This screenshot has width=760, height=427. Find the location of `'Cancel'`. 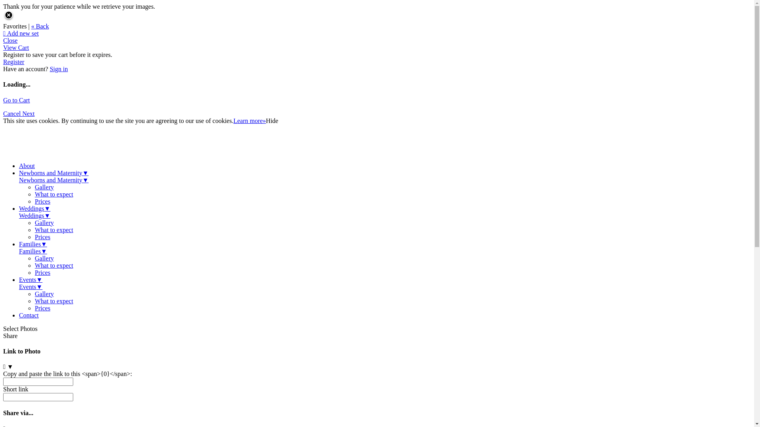

'Cancel' is located at coordinates (13, 113).